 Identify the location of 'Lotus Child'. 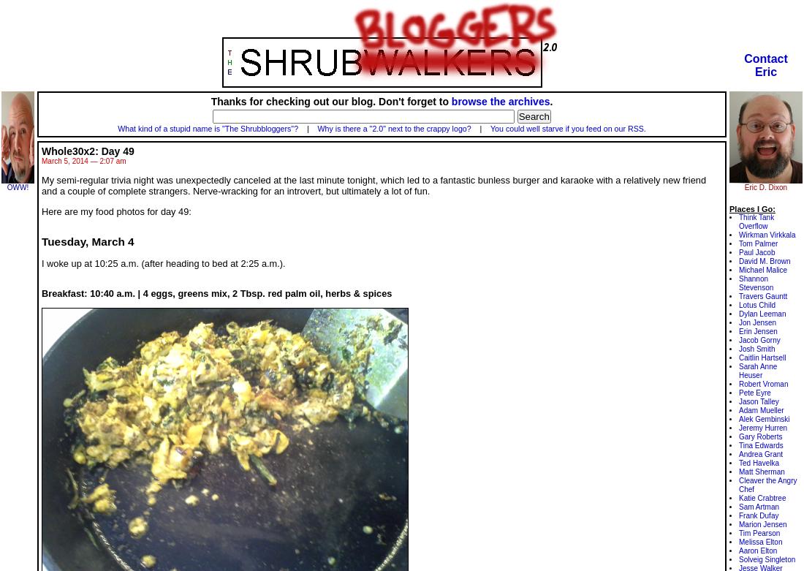
(756, 304).